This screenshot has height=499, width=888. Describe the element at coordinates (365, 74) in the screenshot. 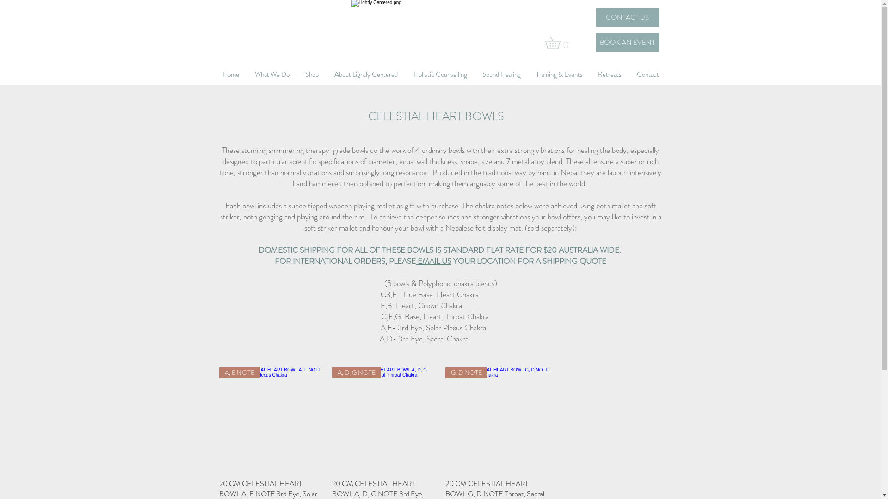

I see `'About Lightly Centered'` at that location.